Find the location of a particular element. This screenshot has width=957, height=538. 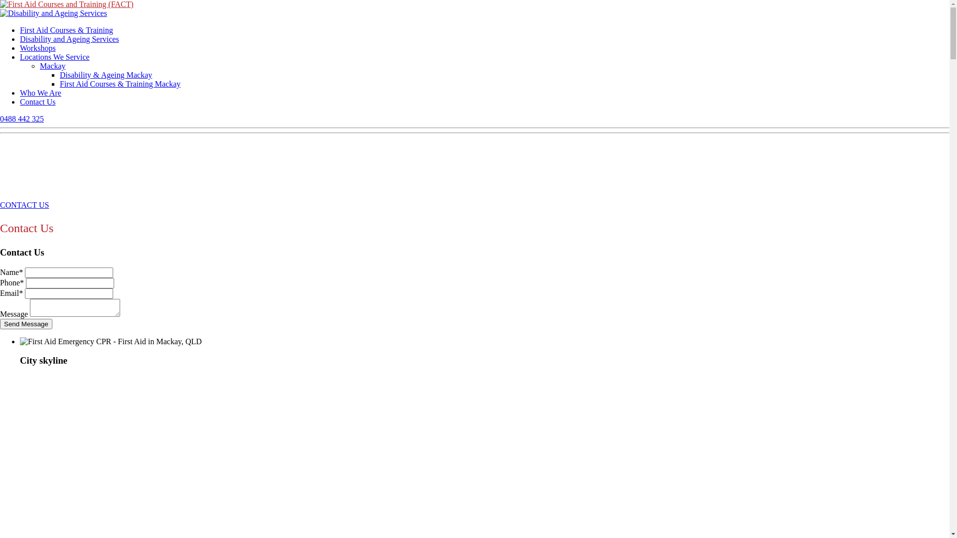

'Locations We Service' is located at coordinates (19, 57).